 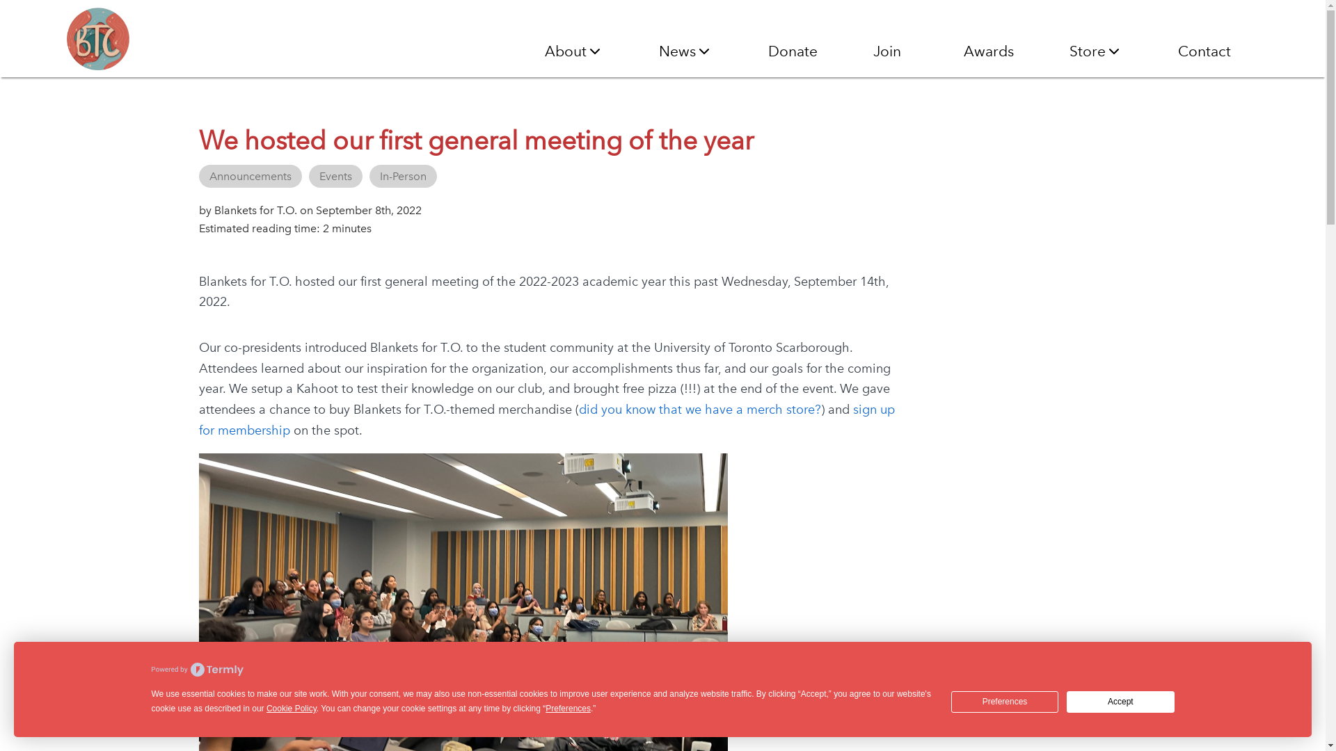 I want to click on 'Events', so click(x=335, y=175).